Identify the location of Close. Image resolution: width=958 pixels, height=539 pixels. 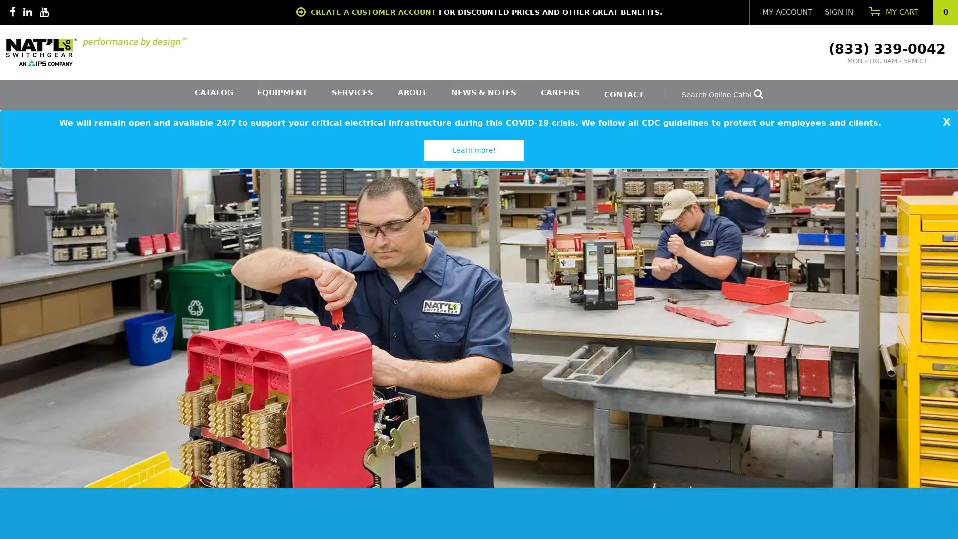
(947, 121).